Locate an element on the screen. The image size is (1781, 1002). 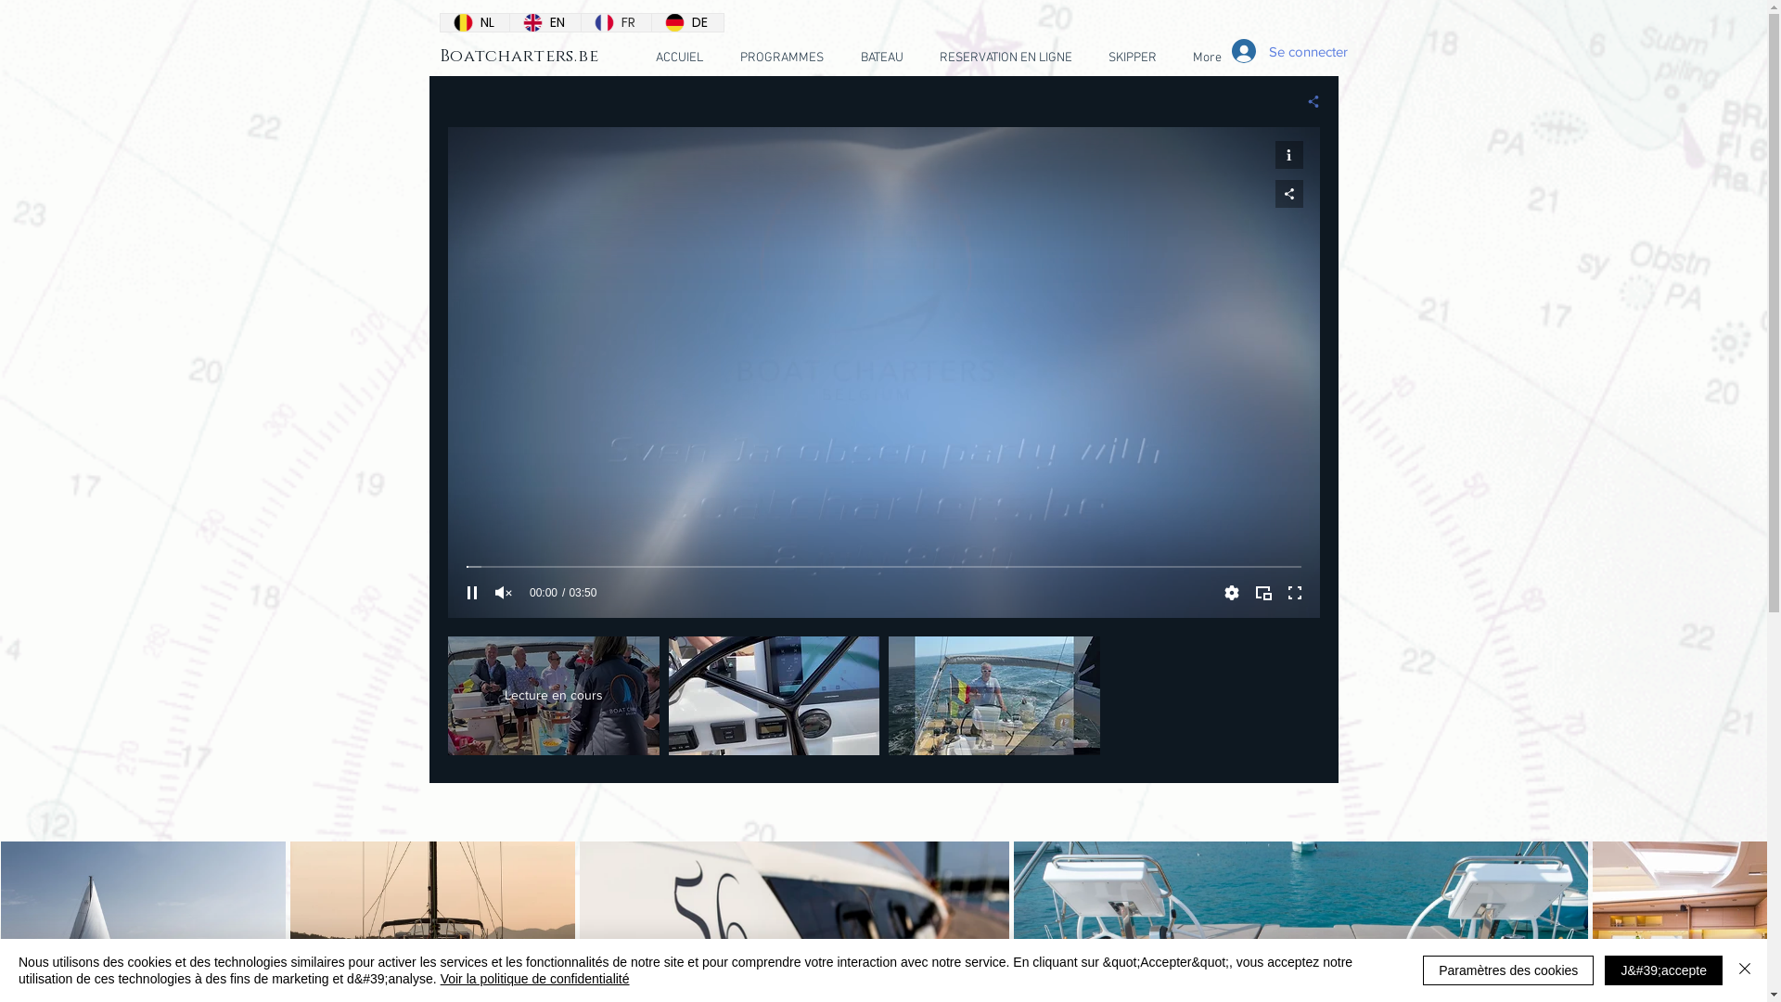
'PROGRAMMES' is located at coordinates (720, 57).